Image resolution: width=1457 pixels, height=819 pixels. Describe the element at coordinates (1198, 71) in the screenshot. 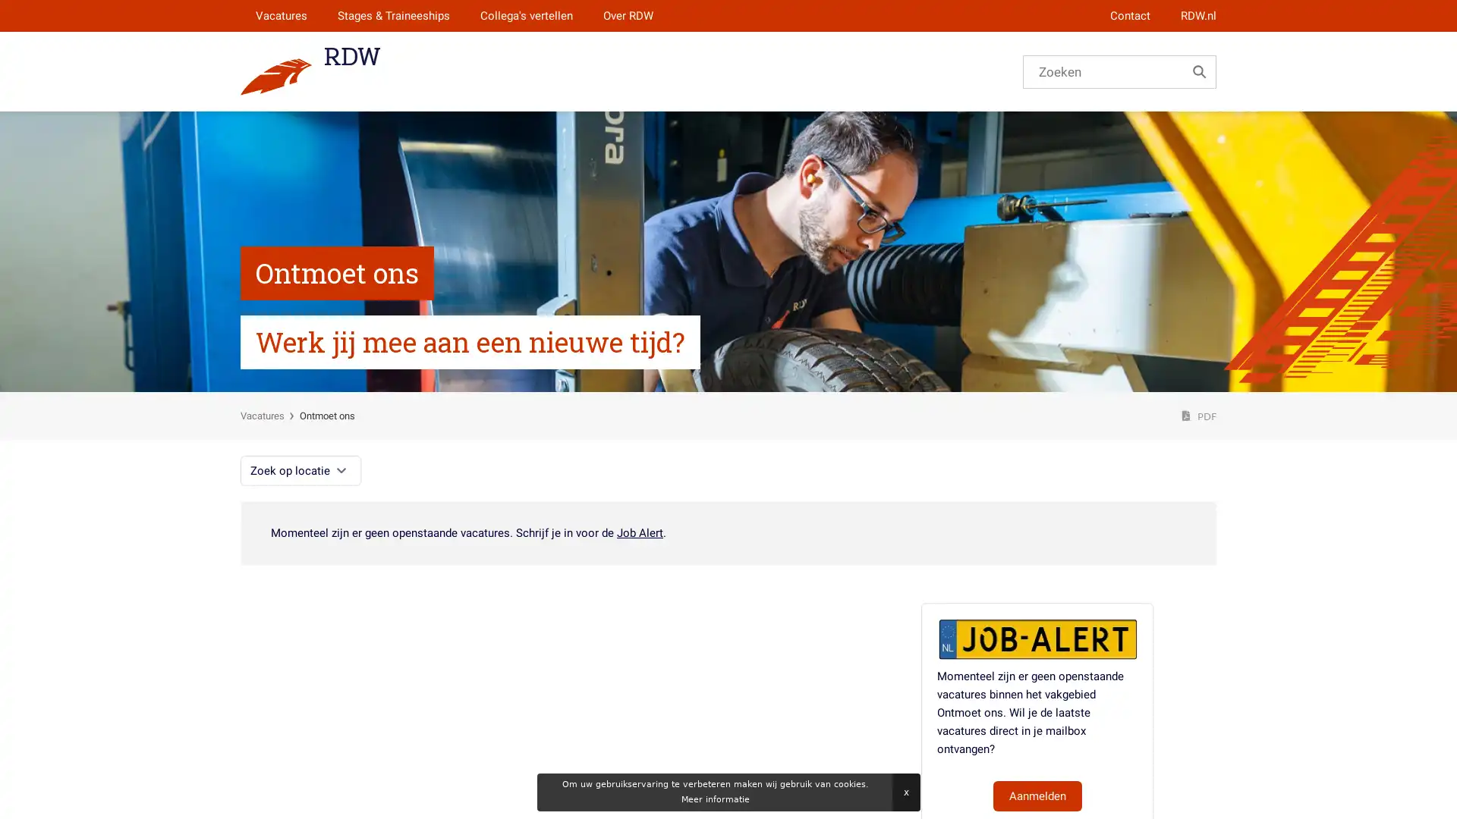

I see `Zoek...` at that location.